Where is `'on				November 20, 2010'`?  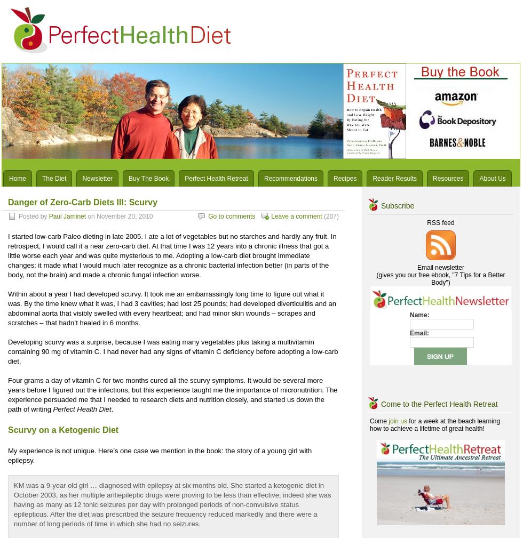 'on				November 20, 2010' is located at coordinates (119, 216).